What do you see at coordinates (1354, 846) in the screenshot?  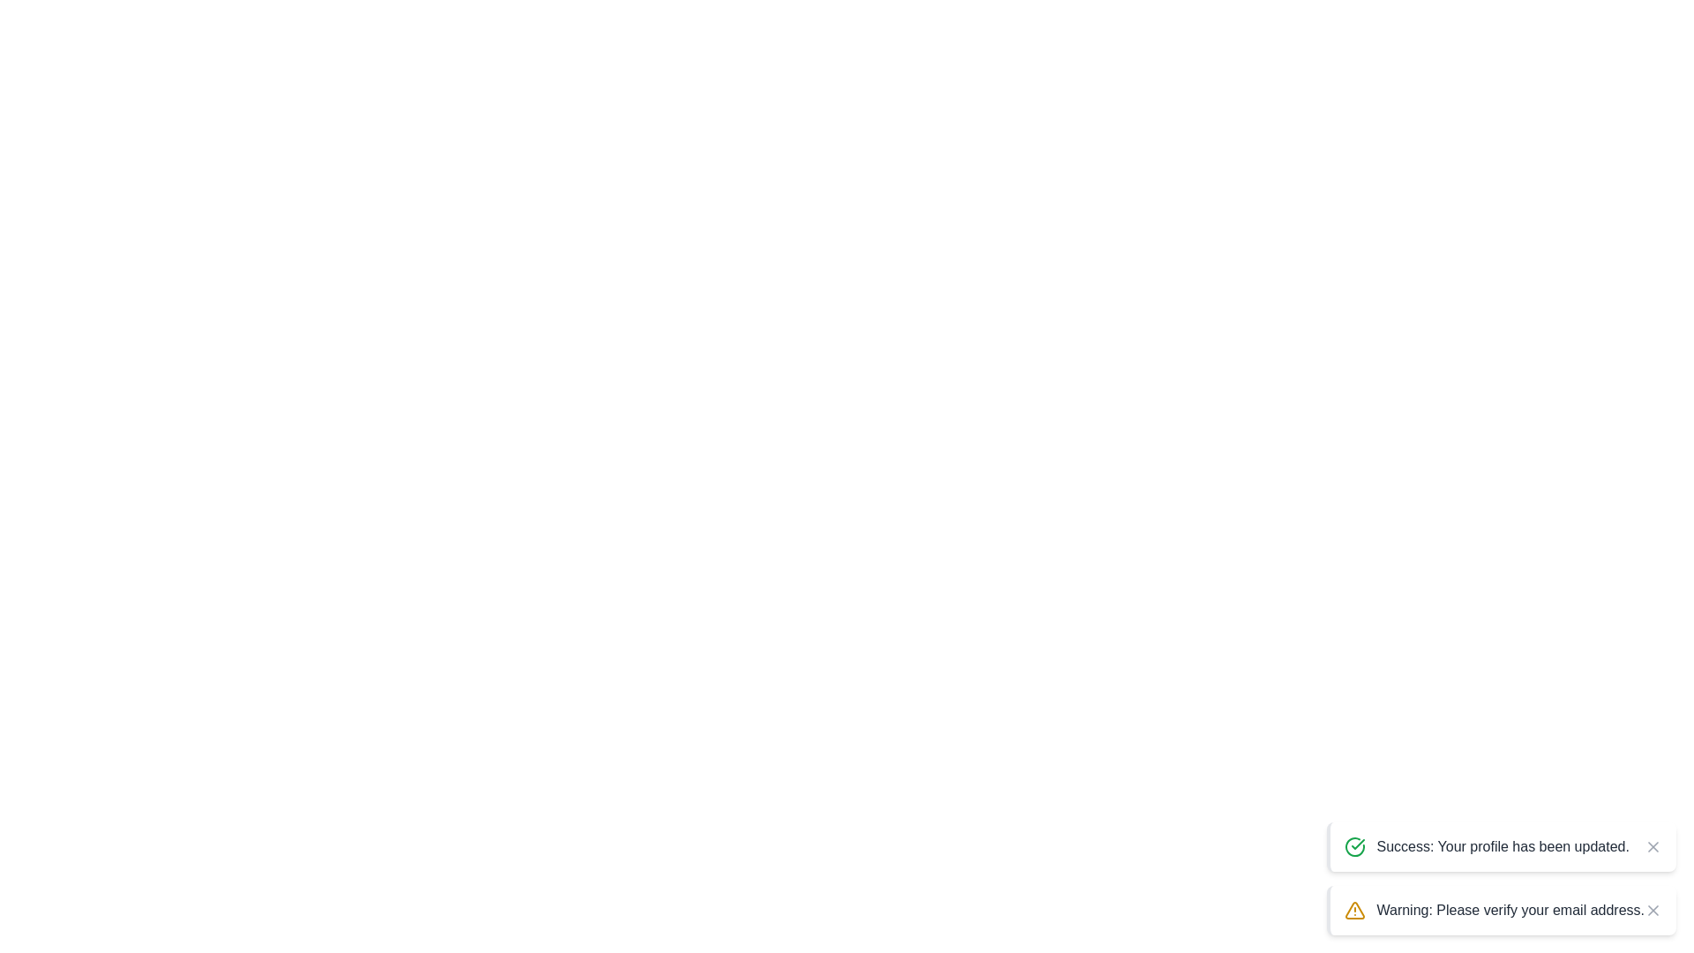 I see `the notification icon corresponding to success` at bounding box center [1354, 846].